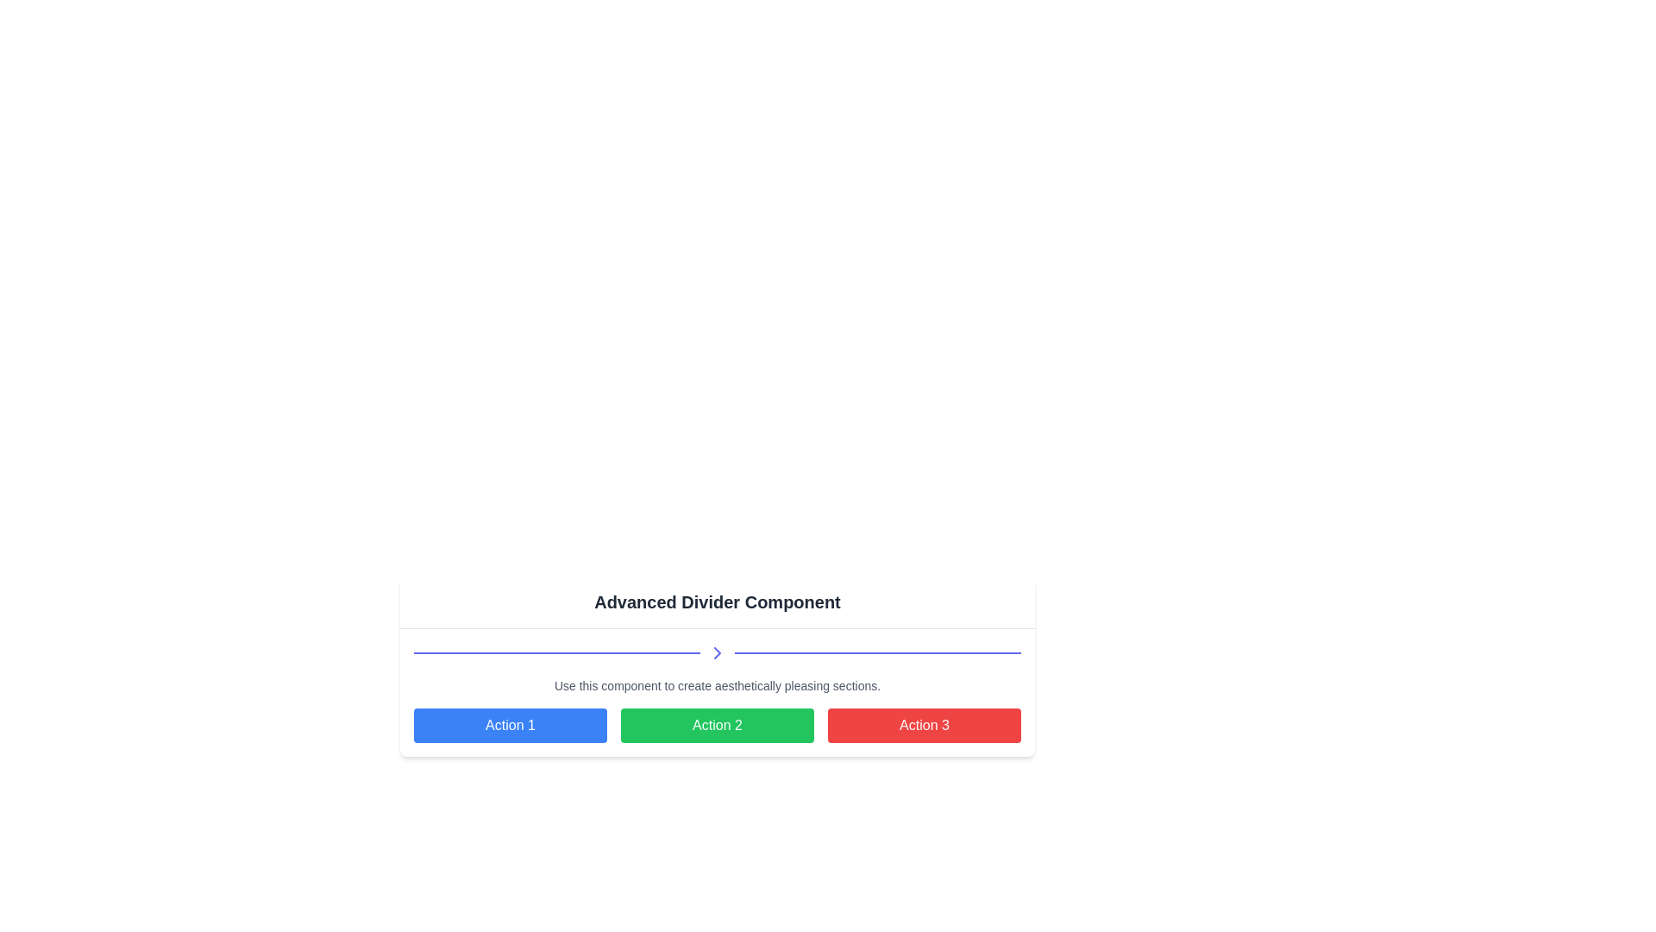  Describe the element at coordinates (717, 734) in the screenshot. I see `the rectangular button labeled 'Action 2' with a green background` at that location.